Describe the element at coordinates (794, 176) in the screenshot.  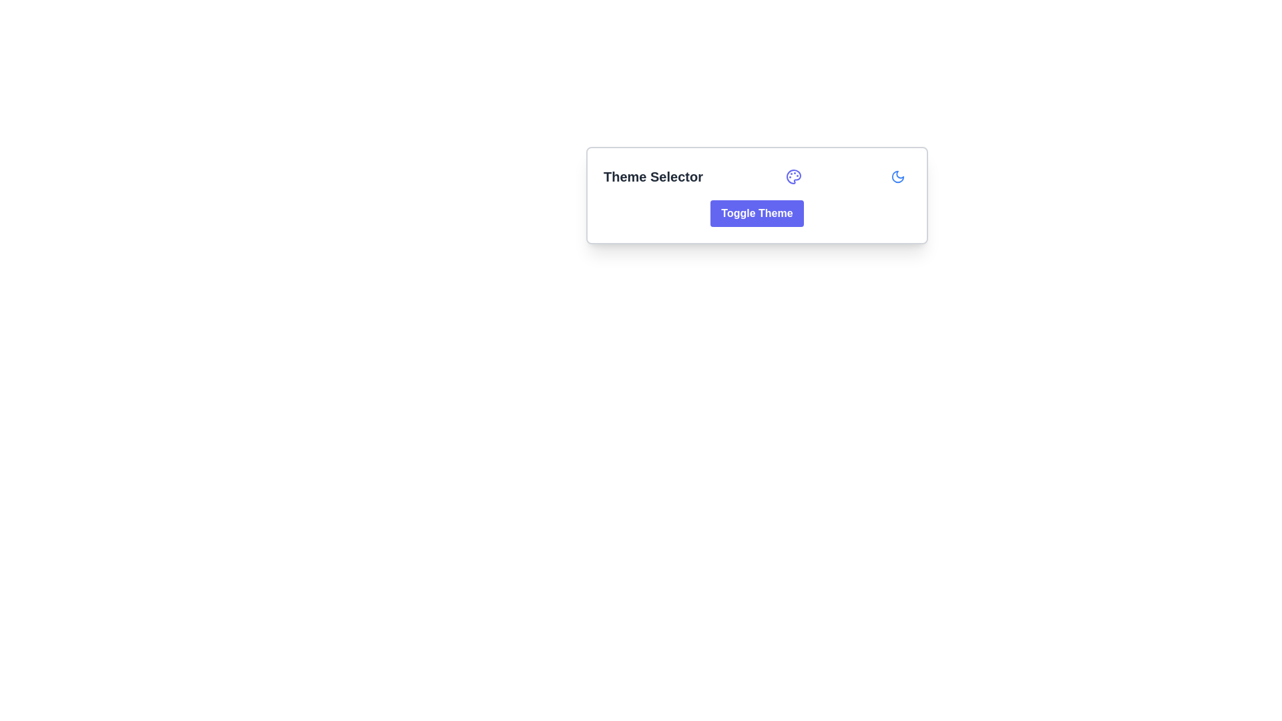
I see `the theme selection icon located next to the 'Theme Selector' title and near the 'Toggle Theme' button` at that location.